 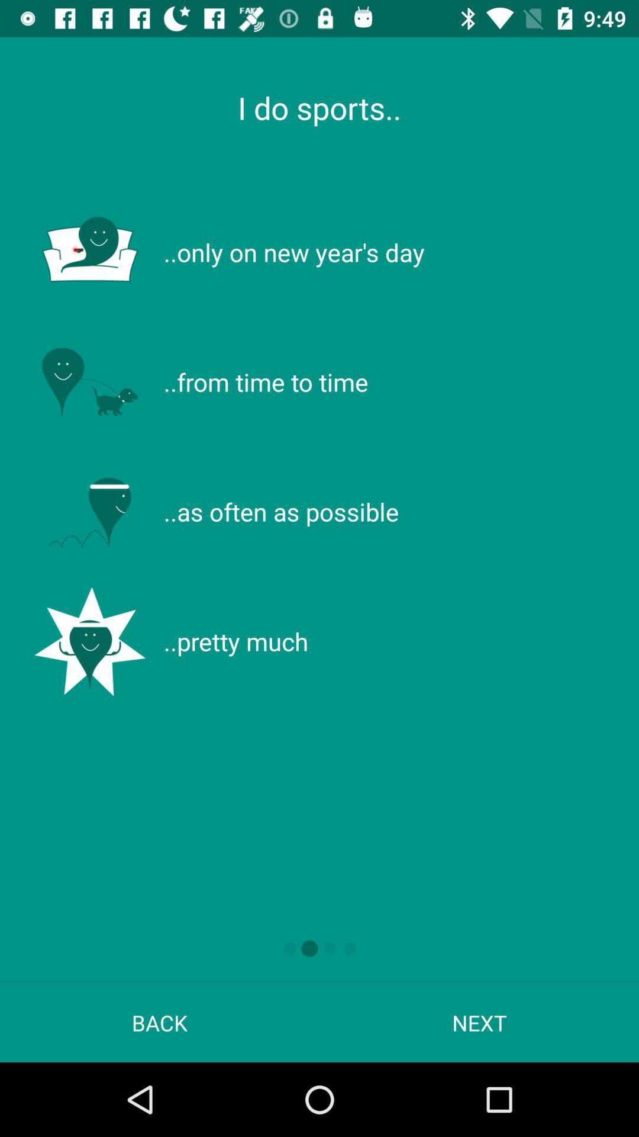 I want to click on the app to the left of next icon, so click(x=160, y=1022).